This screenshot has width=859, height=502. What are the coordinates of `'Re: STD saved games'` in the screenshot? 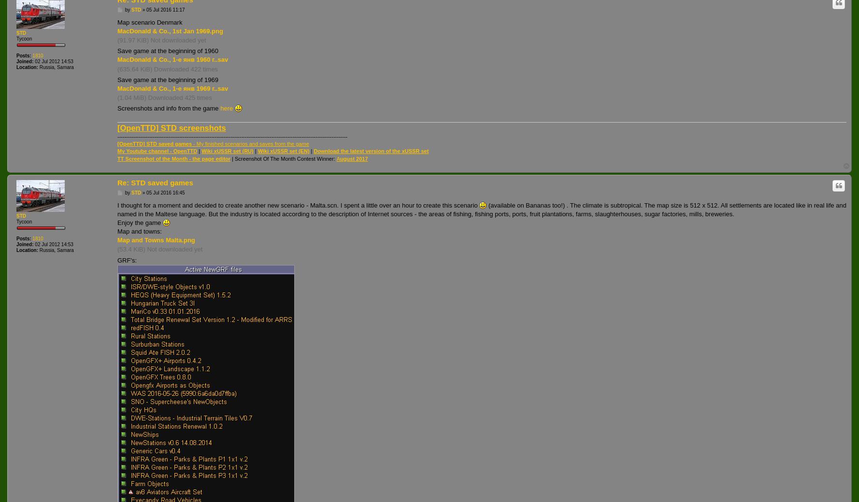 It's located at (154, 182).